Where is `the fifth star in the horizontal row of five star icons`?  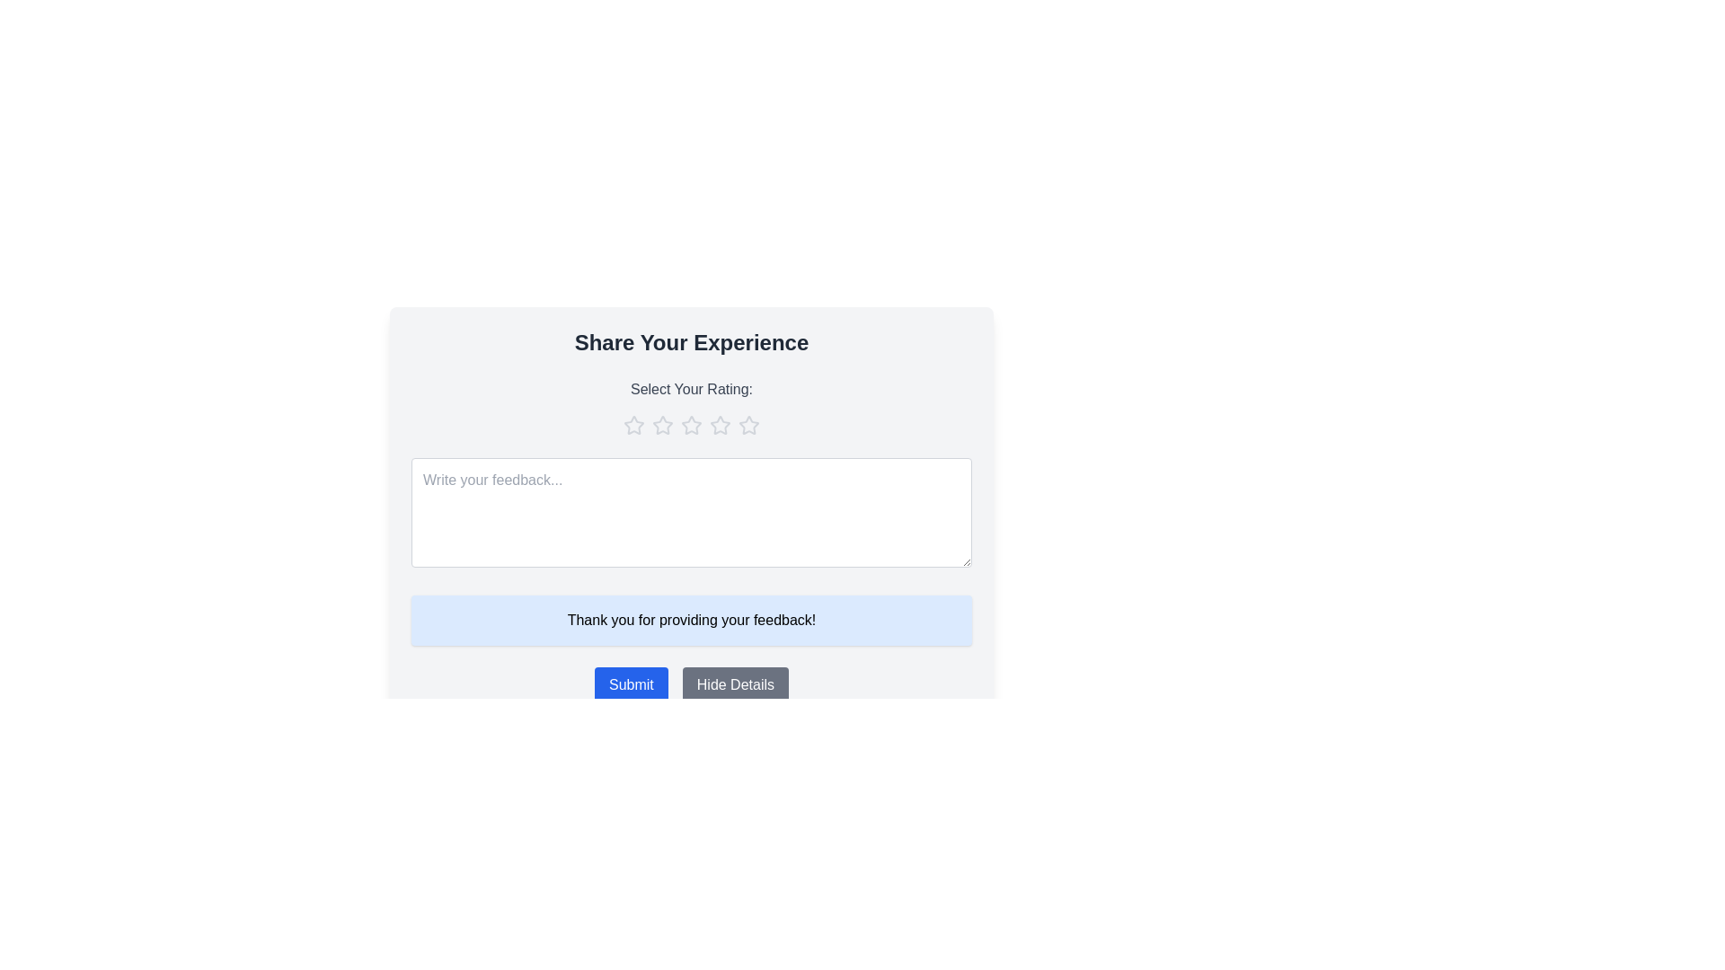
the fifth star in the horizontal row of five star icons is located at coordinates (749, 426).